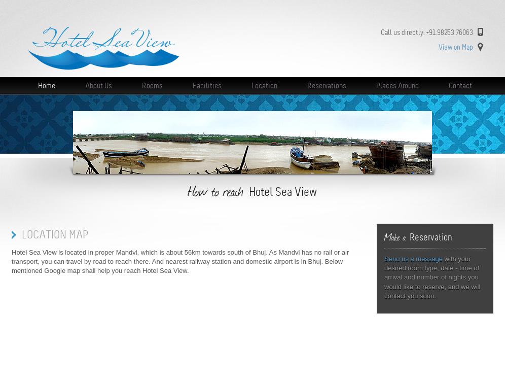 Image resolution: width=505 pixels, height=383 pixels. Describe the element at coordinates (407, 237) in the screenshot. I see `'Reservation'` at that location.